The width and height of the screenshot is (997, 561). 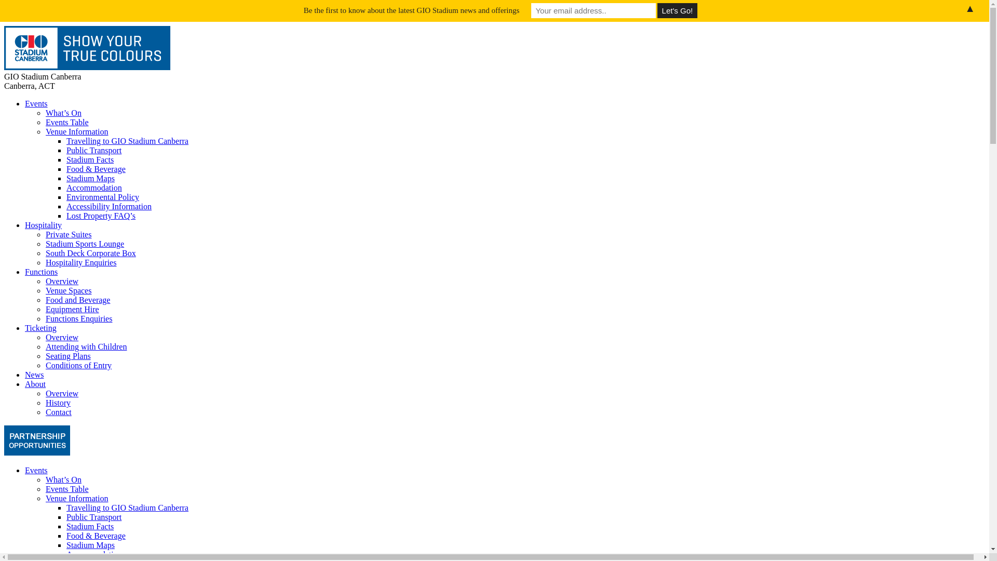 I want to click on 'Stadium Maps', so click(x=90, y=178).